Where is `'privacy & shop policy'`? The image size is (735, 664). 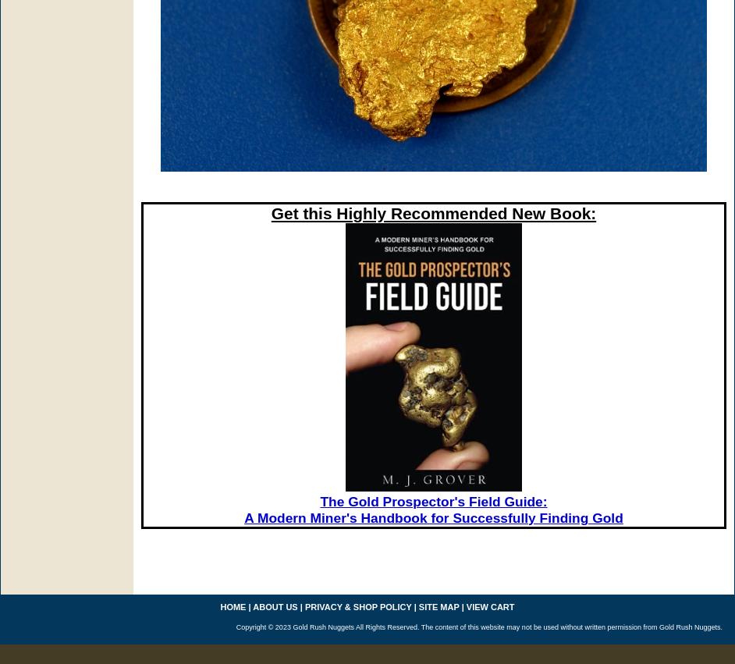
'privacy & shop policy' is located at coordinates (357, 605).